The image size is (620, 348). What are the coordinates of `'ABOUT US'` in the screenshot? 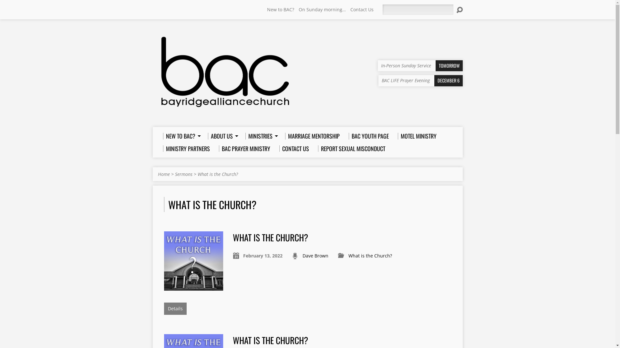 It's located at (222, 135).